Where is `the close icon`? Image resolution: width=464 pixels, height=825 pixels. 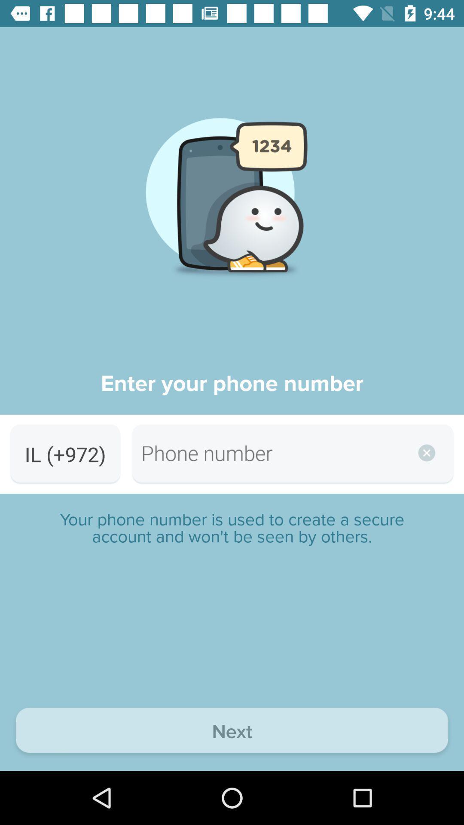
the close icon is located at coordinates (424, 452).